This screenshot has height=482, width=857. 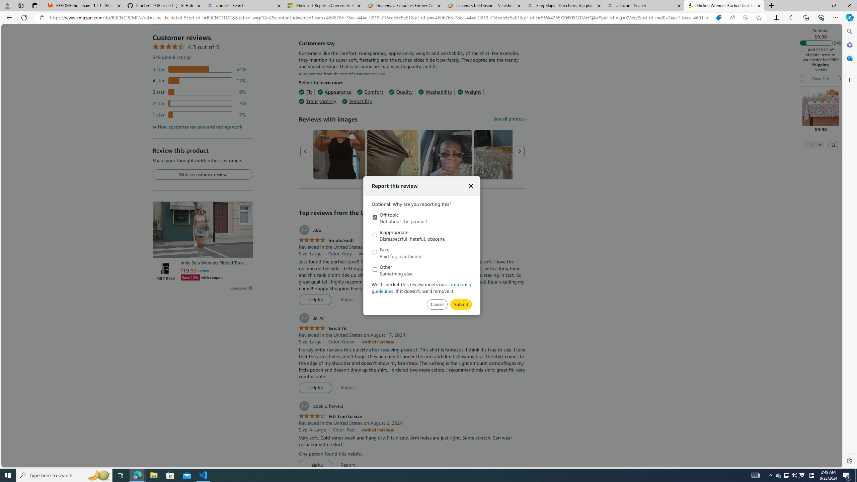 What do you see at coordinates (320, 406) in the screenshot?
I see `'Book & flowers'` at bounding box center [320, 406].